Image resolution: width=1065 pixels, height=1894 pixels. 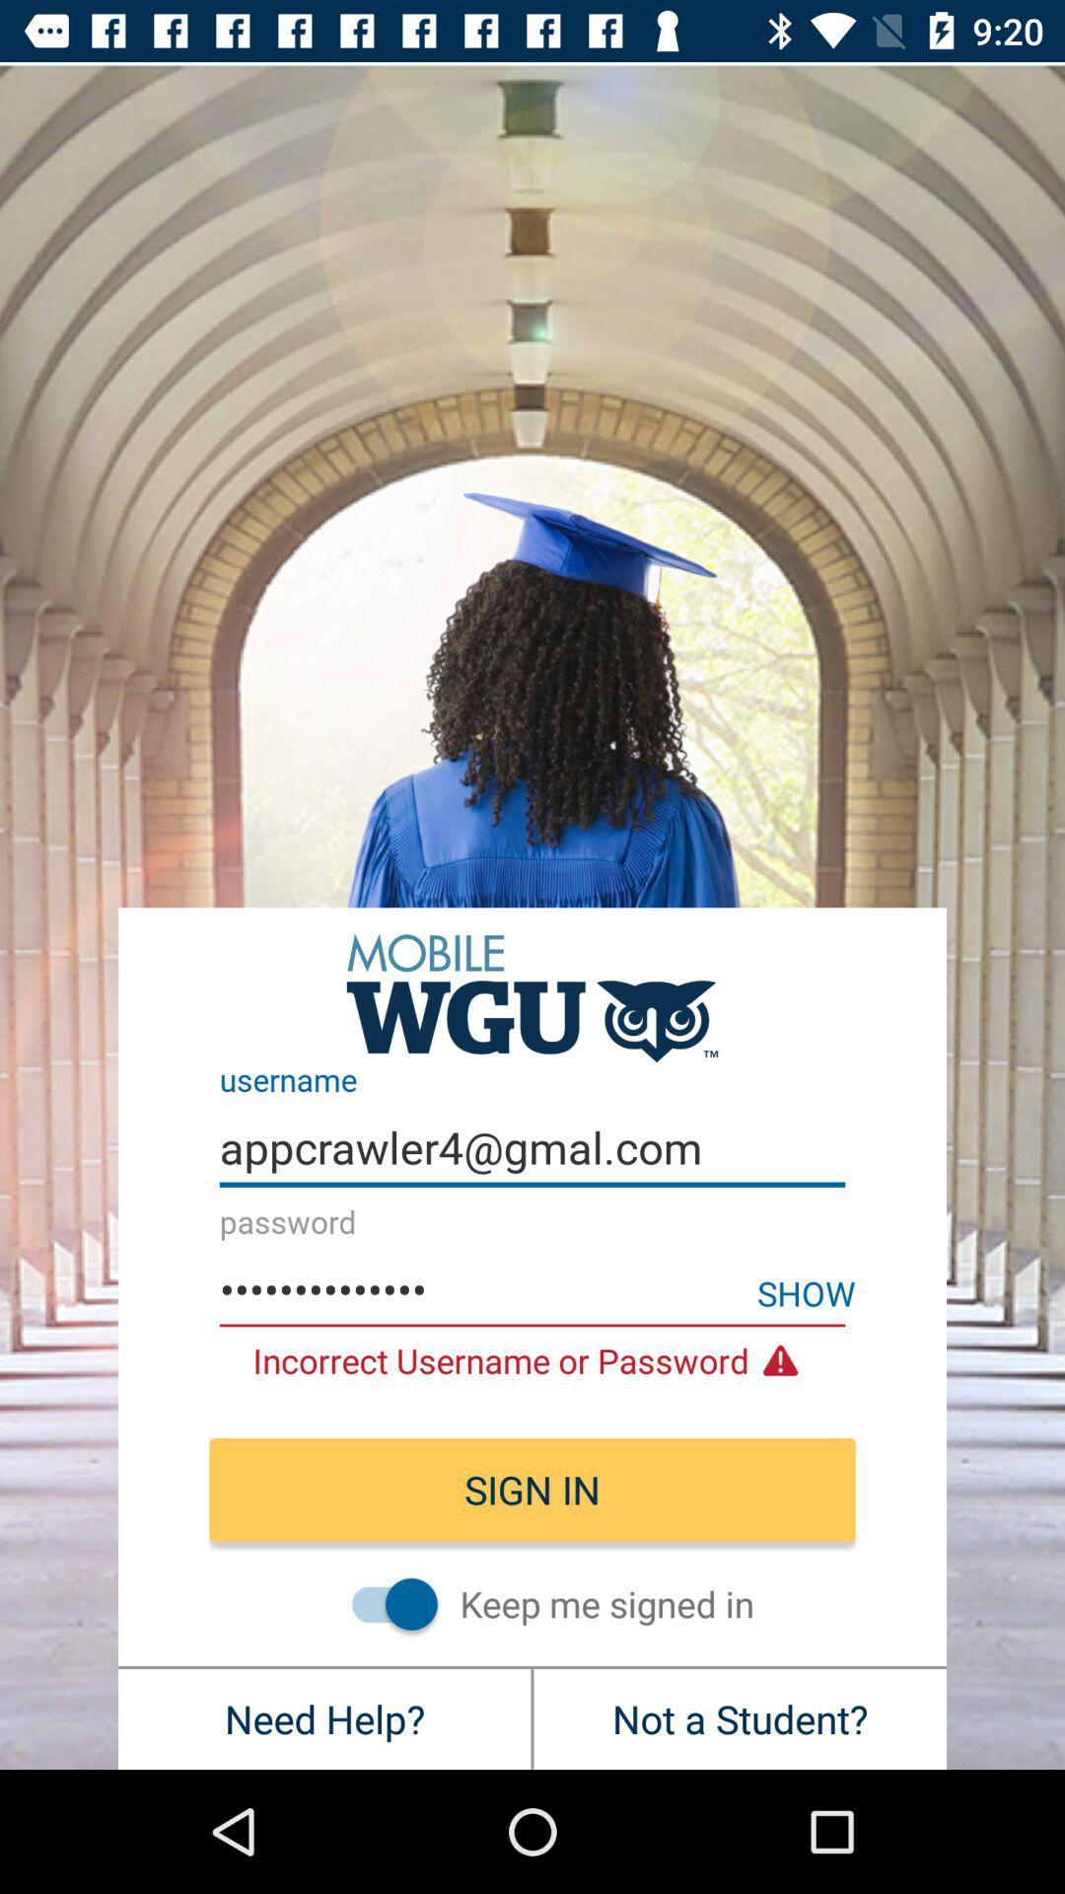 I want to click on icon below appcrawler4@gmal.com icon, so click(x=806, y=1292).